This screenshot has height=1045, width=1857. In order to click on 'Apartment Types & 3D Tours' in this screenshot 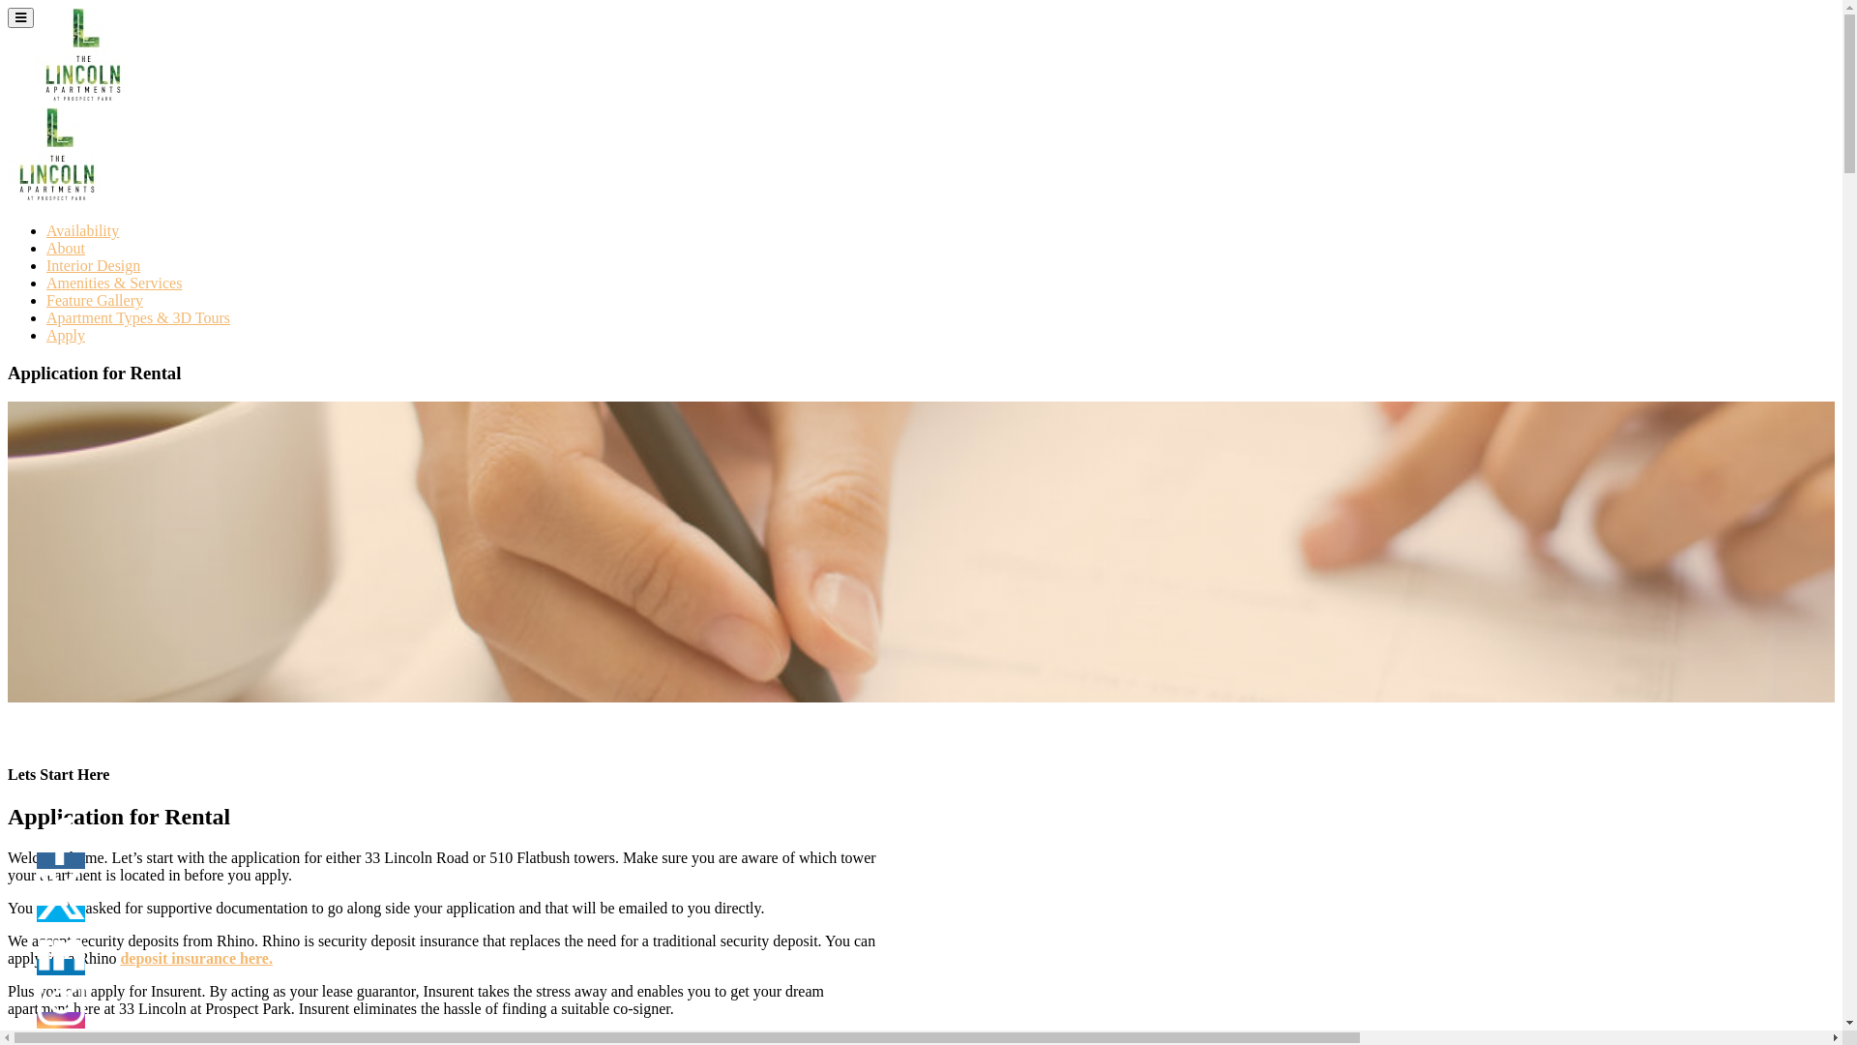, I will do `click(137, 316)`.